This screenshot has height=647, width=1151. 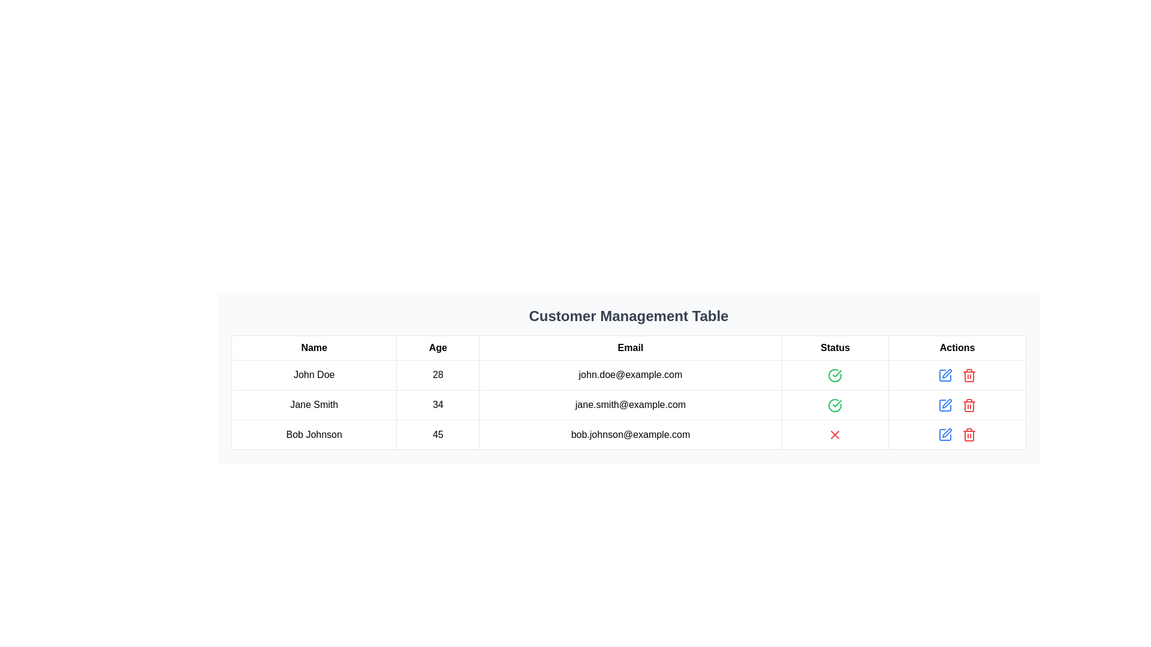 I want to click on the blue pen icon in the 'Actions' column of the third row in the table, so click(x=945, y=374).